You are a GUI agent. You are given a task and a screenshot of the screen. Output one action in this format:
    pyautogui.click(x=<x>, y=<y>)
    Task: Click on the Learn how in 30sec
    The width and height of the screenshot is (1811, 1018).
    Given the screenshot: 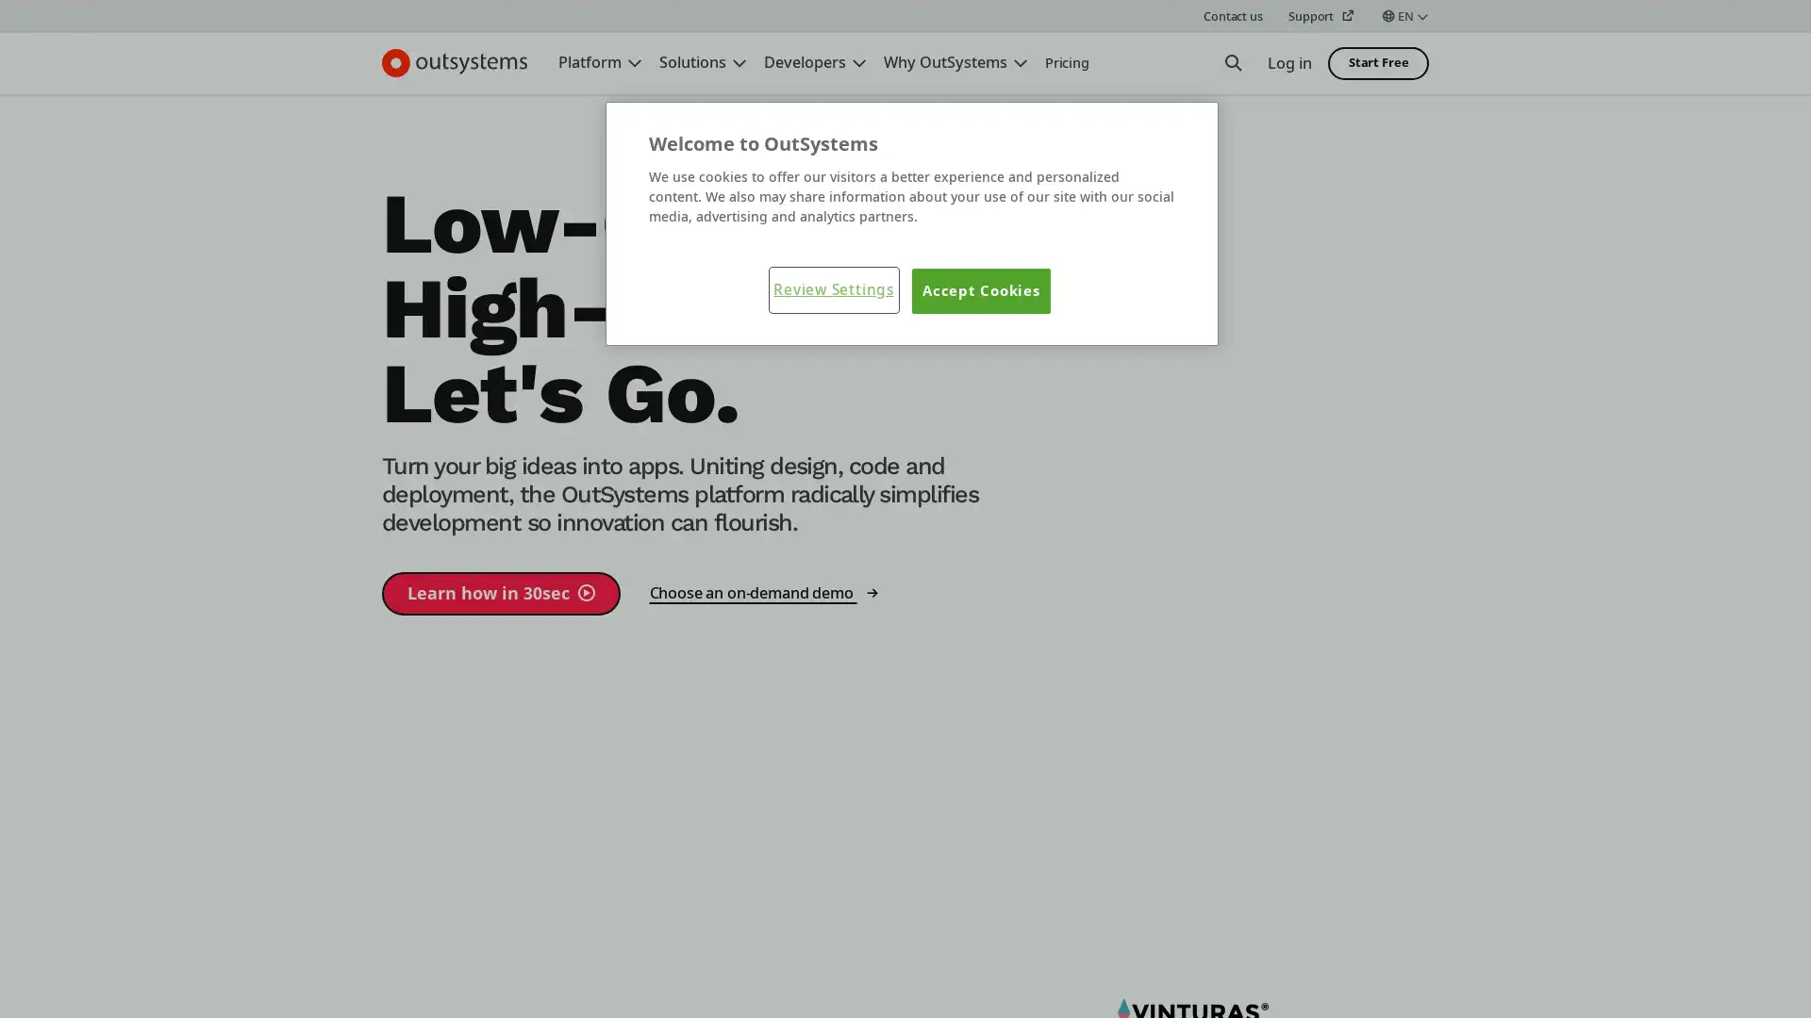 What is the action you would take?
    pyautogui.click(x=501, y=591)
    